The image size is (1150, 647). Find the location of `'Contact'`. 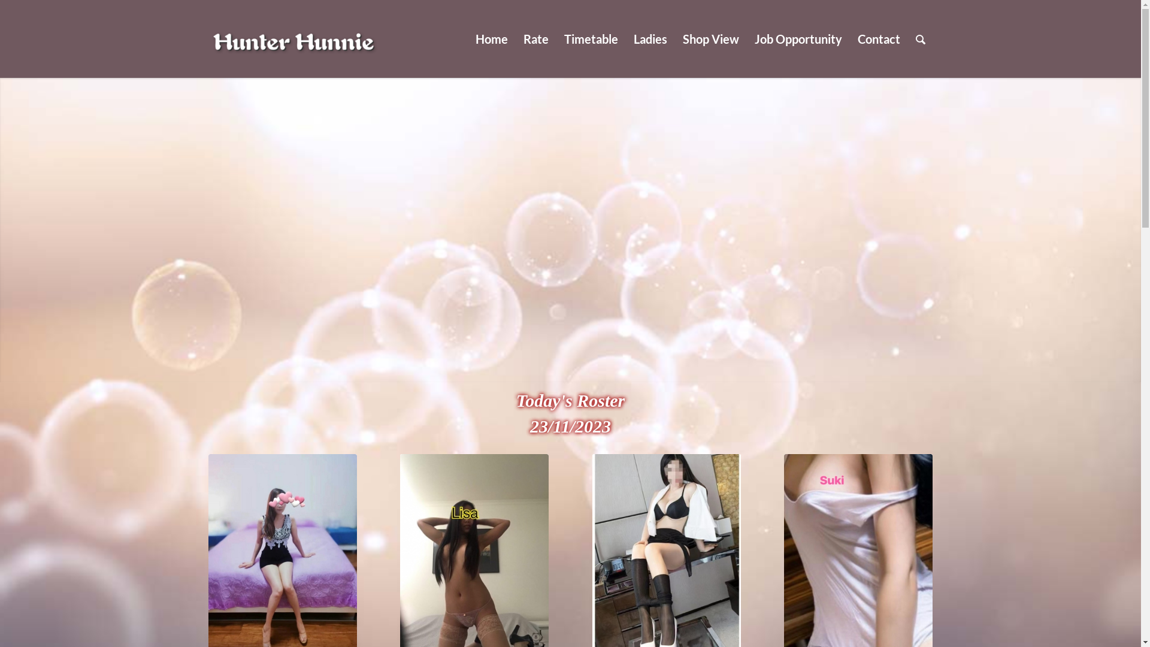

'Contact' is located at coordinates (878, 38).